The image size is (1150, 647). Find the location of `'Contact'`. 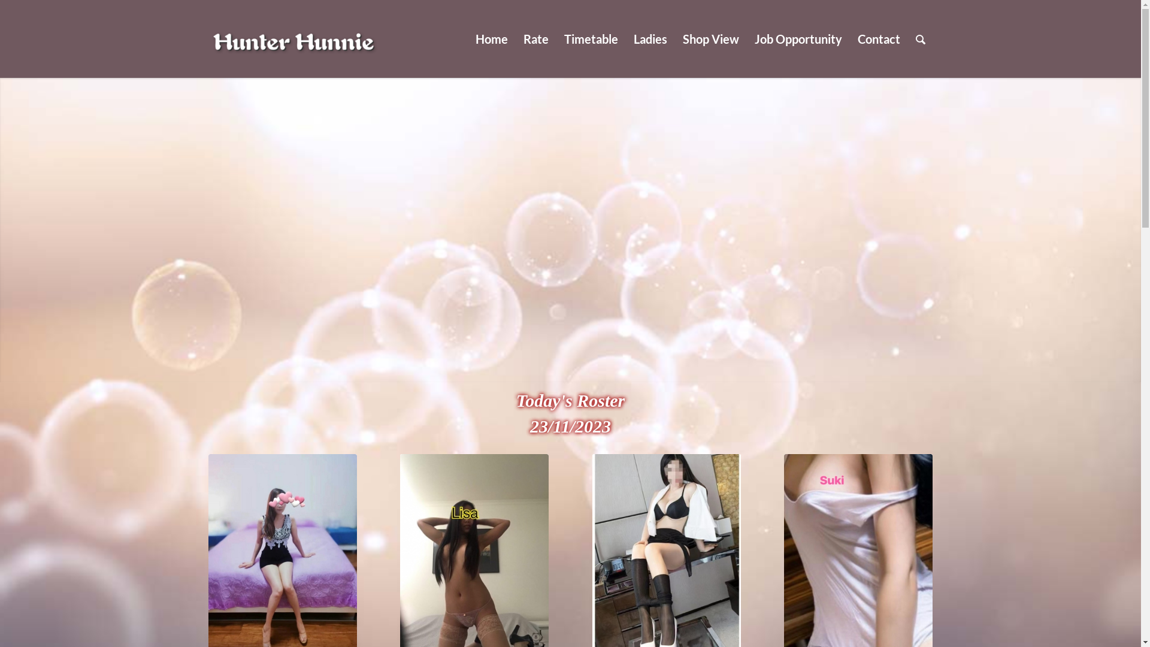

'Contact' is located at coordinates (878, 38).